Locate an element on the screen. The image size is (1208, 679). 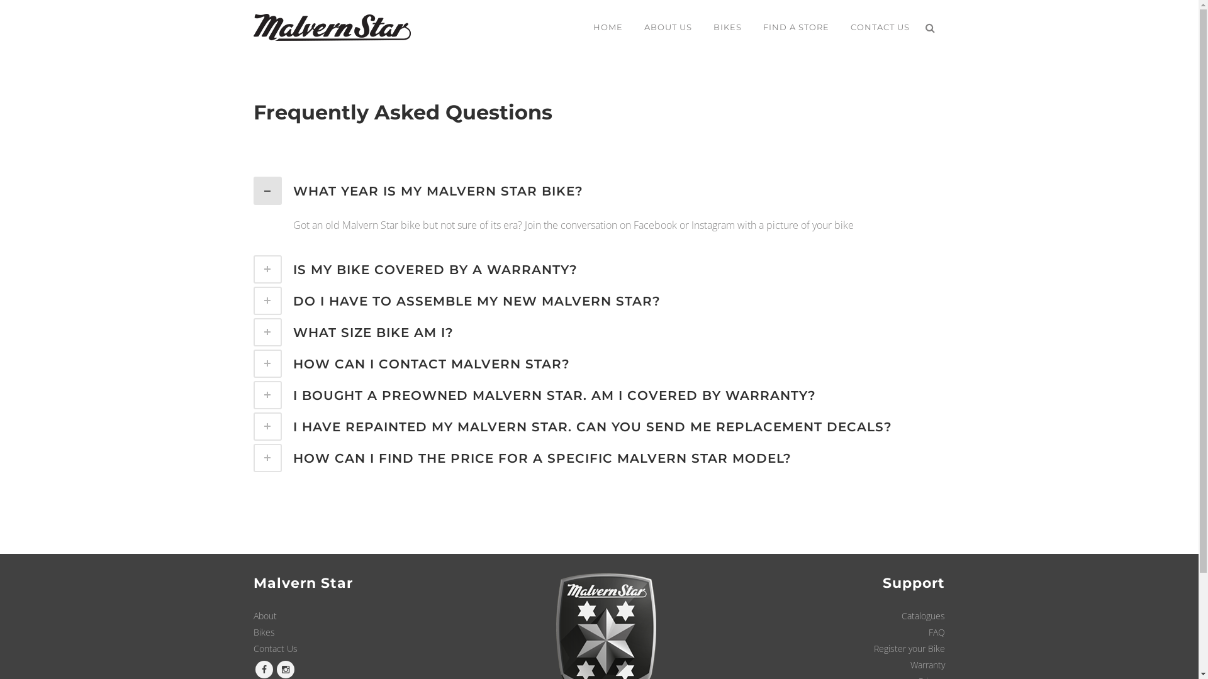
'Register your Bike' is located at coordinates (909, 648).